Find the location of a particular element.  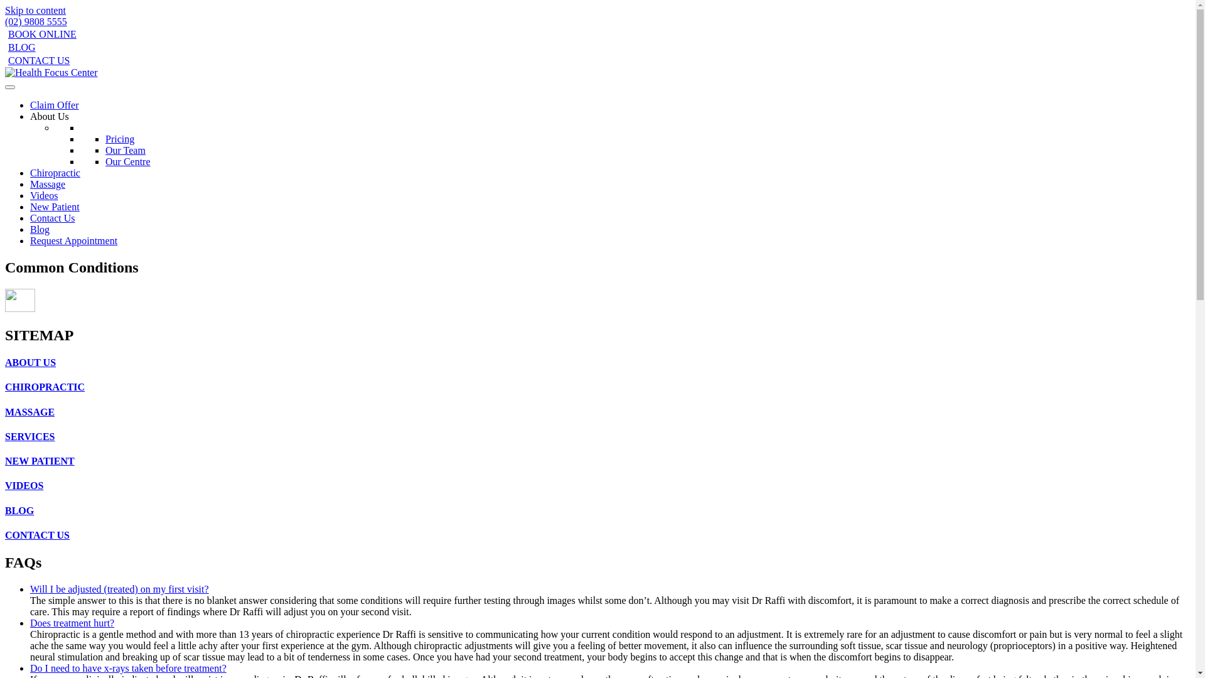

'Pricing' is located at coordinates (105, 139).